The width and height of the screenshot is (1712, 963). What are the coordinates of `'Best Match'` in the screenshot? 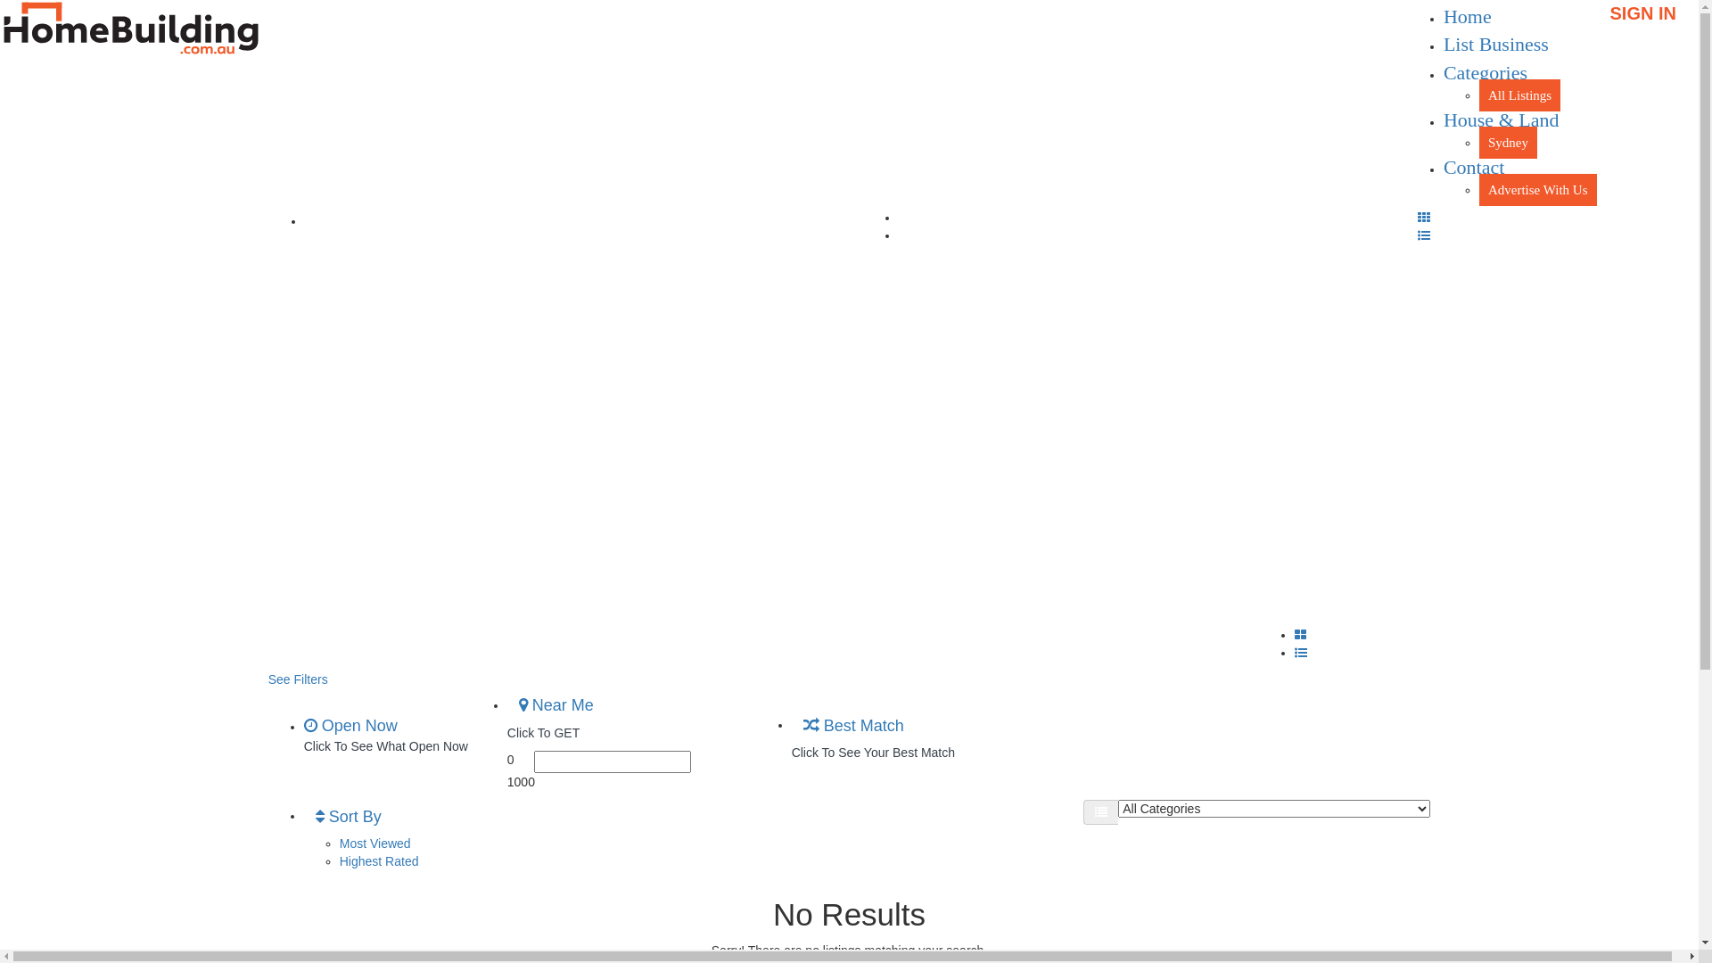 It's located at (852, 726).